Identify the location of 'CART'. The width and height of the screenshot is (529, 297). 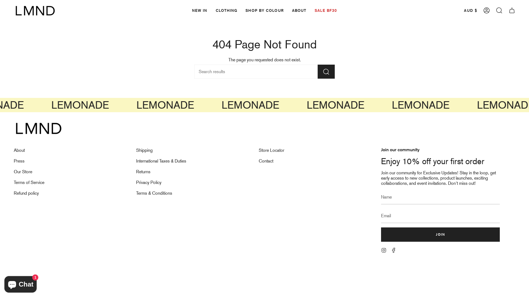
(511, 10).